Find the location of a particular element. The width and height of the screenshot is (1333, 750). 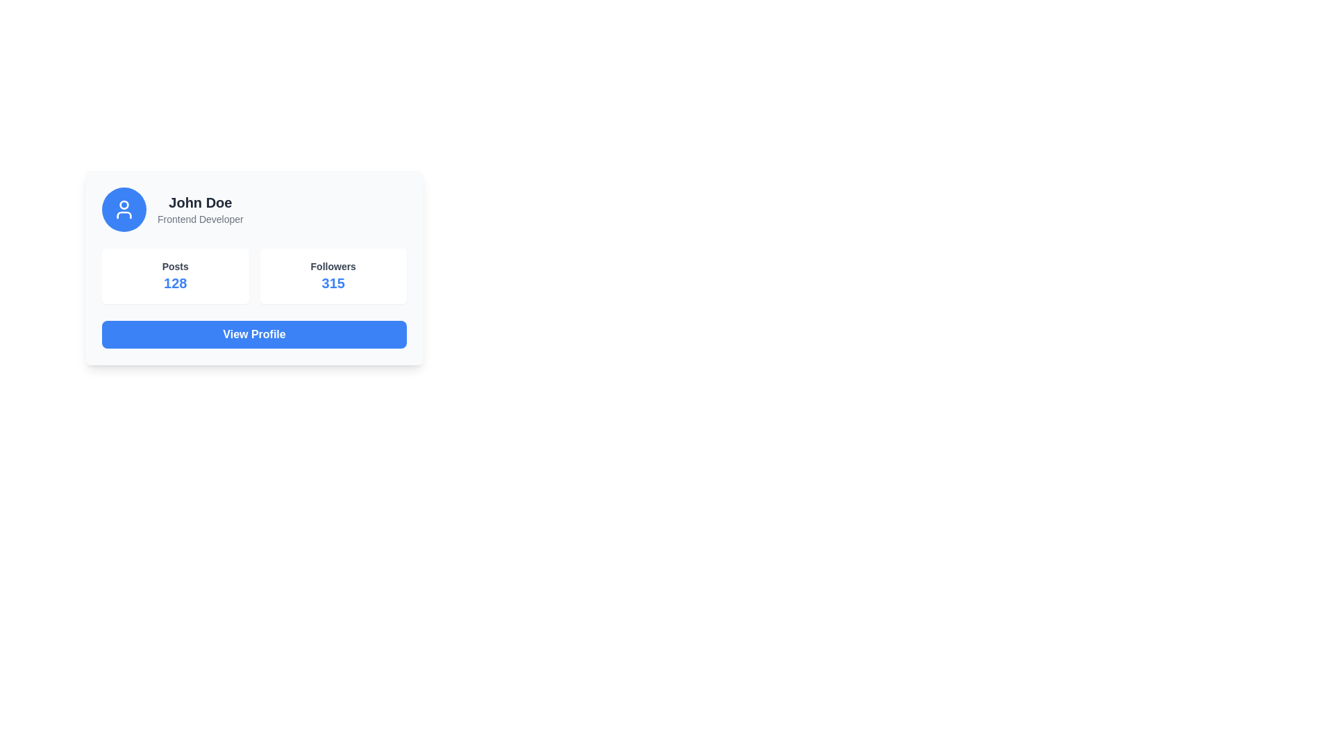

the text block displaying 'John Doe' and 'Frontend Developer', which is located to the right of a circular icon in the top section of the card is located at coordinates (199, 209).